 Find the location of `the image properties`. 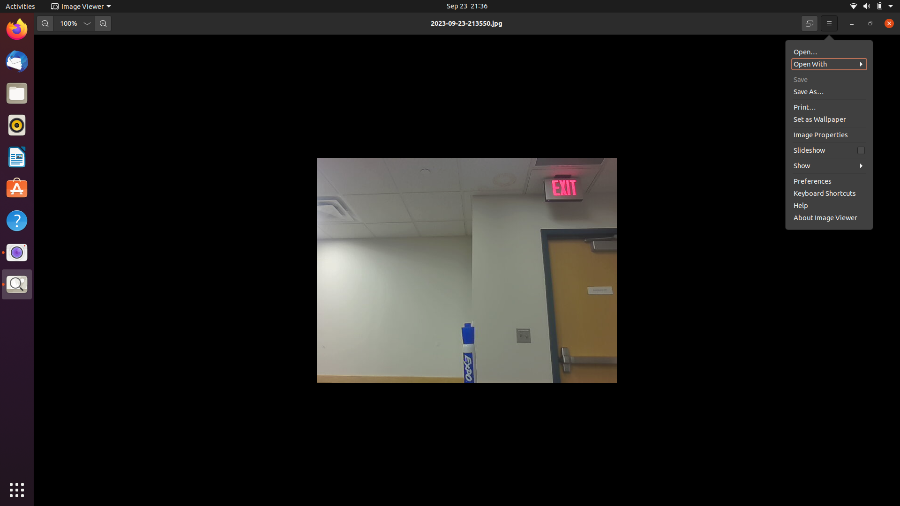

the image properties is located at coordinates (827, 149).